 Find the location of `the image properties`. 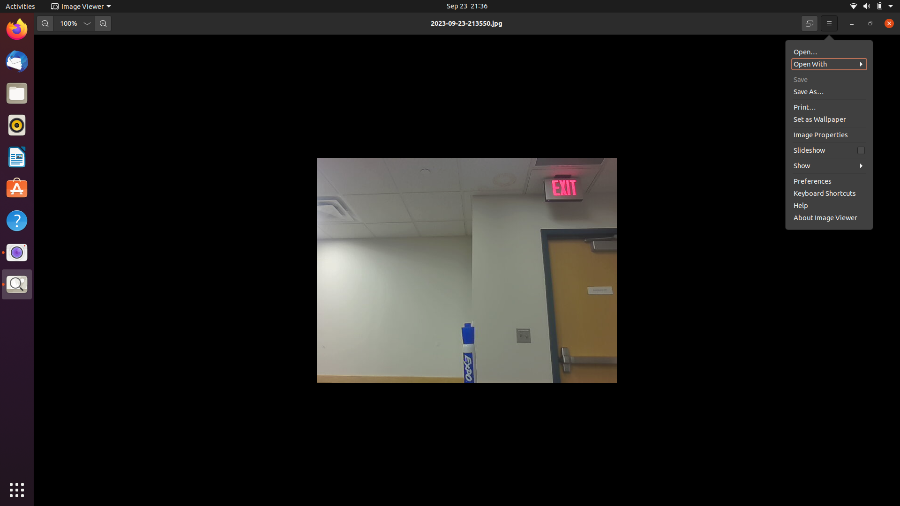

the image properties is located at coordinates (827, 149).